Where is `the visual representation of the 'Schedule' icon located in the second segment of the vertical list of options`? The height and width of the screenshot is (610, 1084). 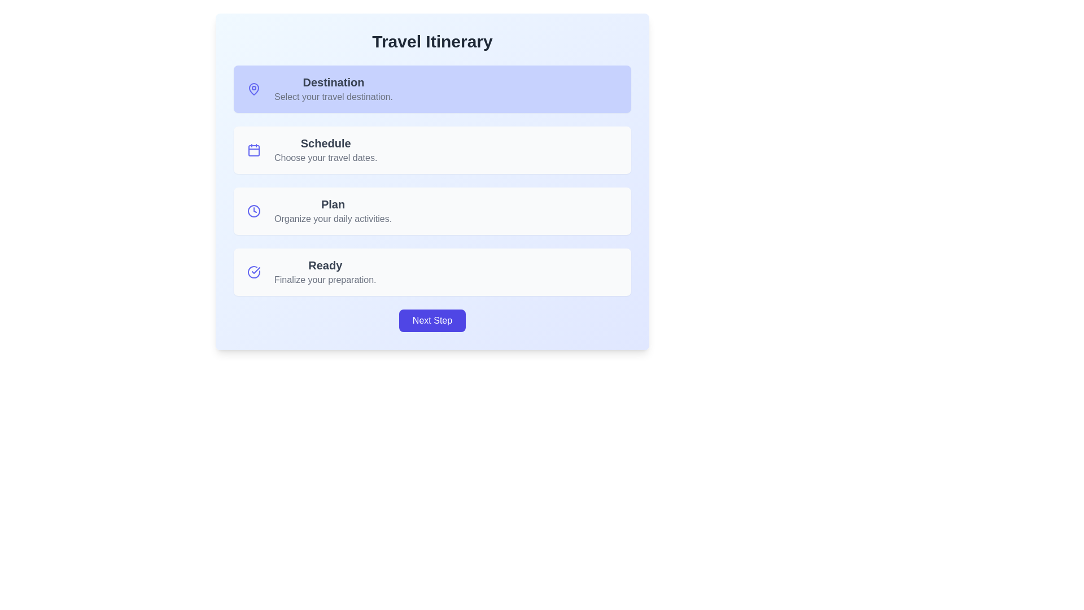 the visual representation of the 'Schedule' icon located in the second segment of the vertical list of options is located at coordinates (253, 150).